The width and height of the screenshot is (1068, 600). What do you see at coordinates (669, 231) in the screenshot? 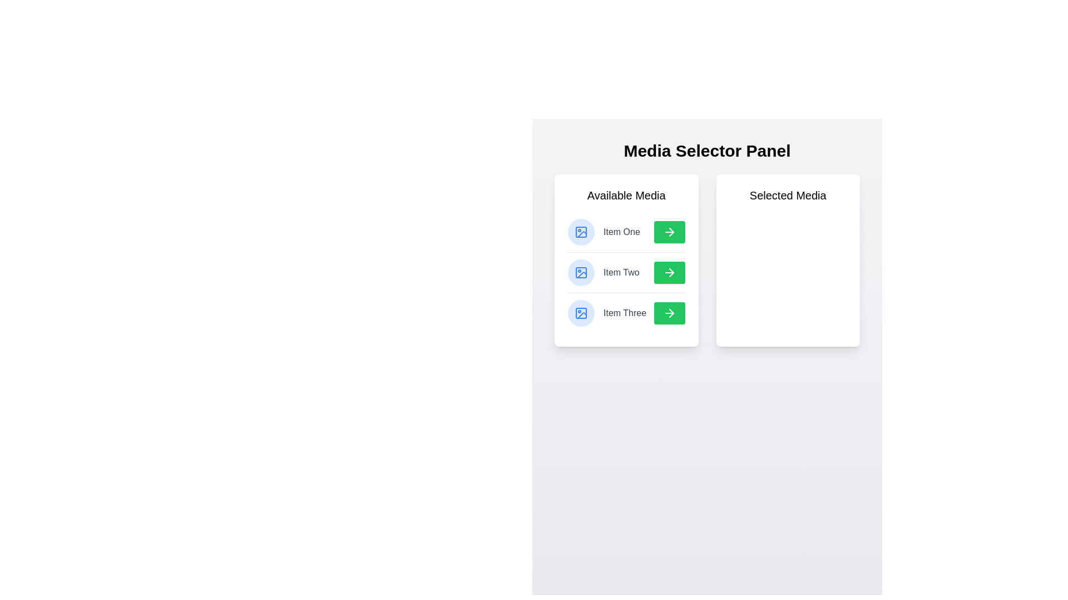
I see `the 'select' or 'transfer' button associated with 'Item One' in the first row of the 'Available Media' panel` at bounding box center [669, 231].